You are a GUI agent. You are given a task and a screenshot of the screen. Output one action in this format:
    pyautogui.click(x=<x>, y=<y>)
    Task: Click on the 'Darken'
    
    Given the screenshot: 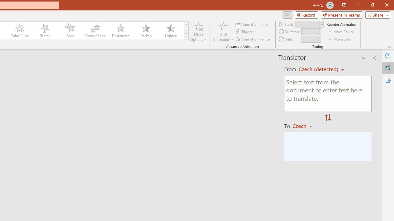 What is the action you would take?
    pyautogui.click(x=145, y=31)
    